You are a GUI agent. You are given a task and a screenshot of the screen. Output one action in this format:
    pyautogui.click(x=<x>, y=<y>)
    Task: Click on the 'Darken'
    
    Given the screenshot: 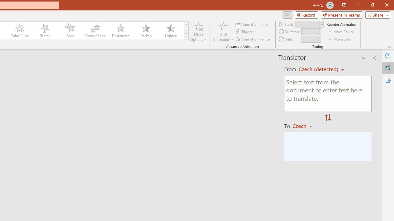 What is the action you would take?
    pyautogui.click(x=145, y=31)
    